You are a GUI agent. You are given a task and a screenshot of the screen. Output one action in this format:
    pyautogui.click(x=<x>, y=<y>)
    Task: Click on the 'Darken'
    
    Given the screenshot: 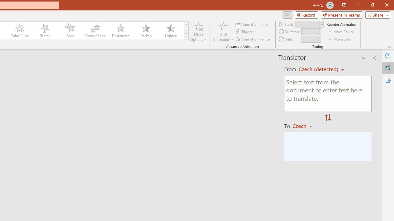 What is the action you would take?
    pyautogui.click(x=145, y=31)
    